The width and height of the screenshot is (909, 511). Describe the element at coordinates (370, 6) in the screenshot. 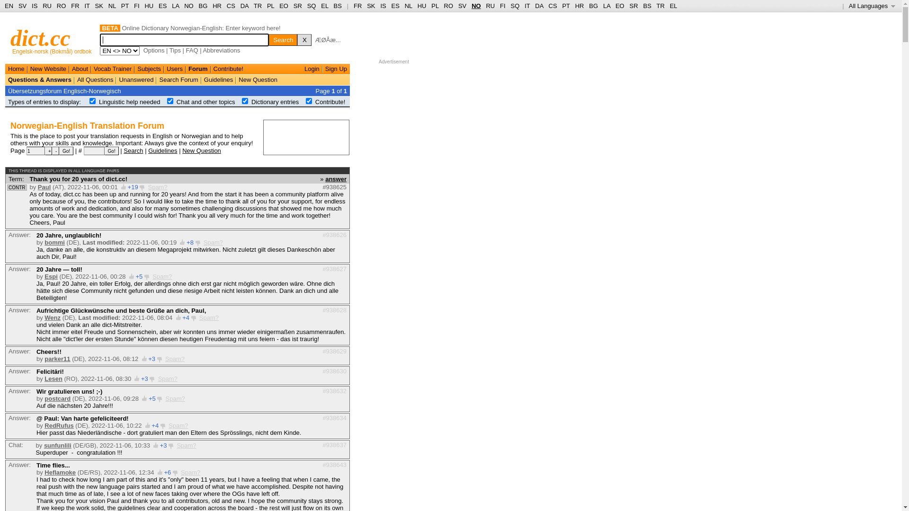

I see `'SK'` at that location.